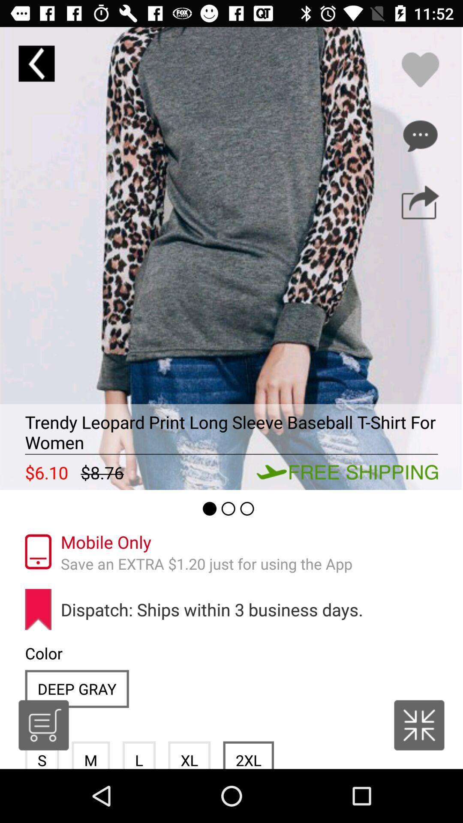 Image resolution: width=463 pixels, height=823 pixels. Describe the element at coordinates (420, 69) in the screenshot. I see `like button` at that location.